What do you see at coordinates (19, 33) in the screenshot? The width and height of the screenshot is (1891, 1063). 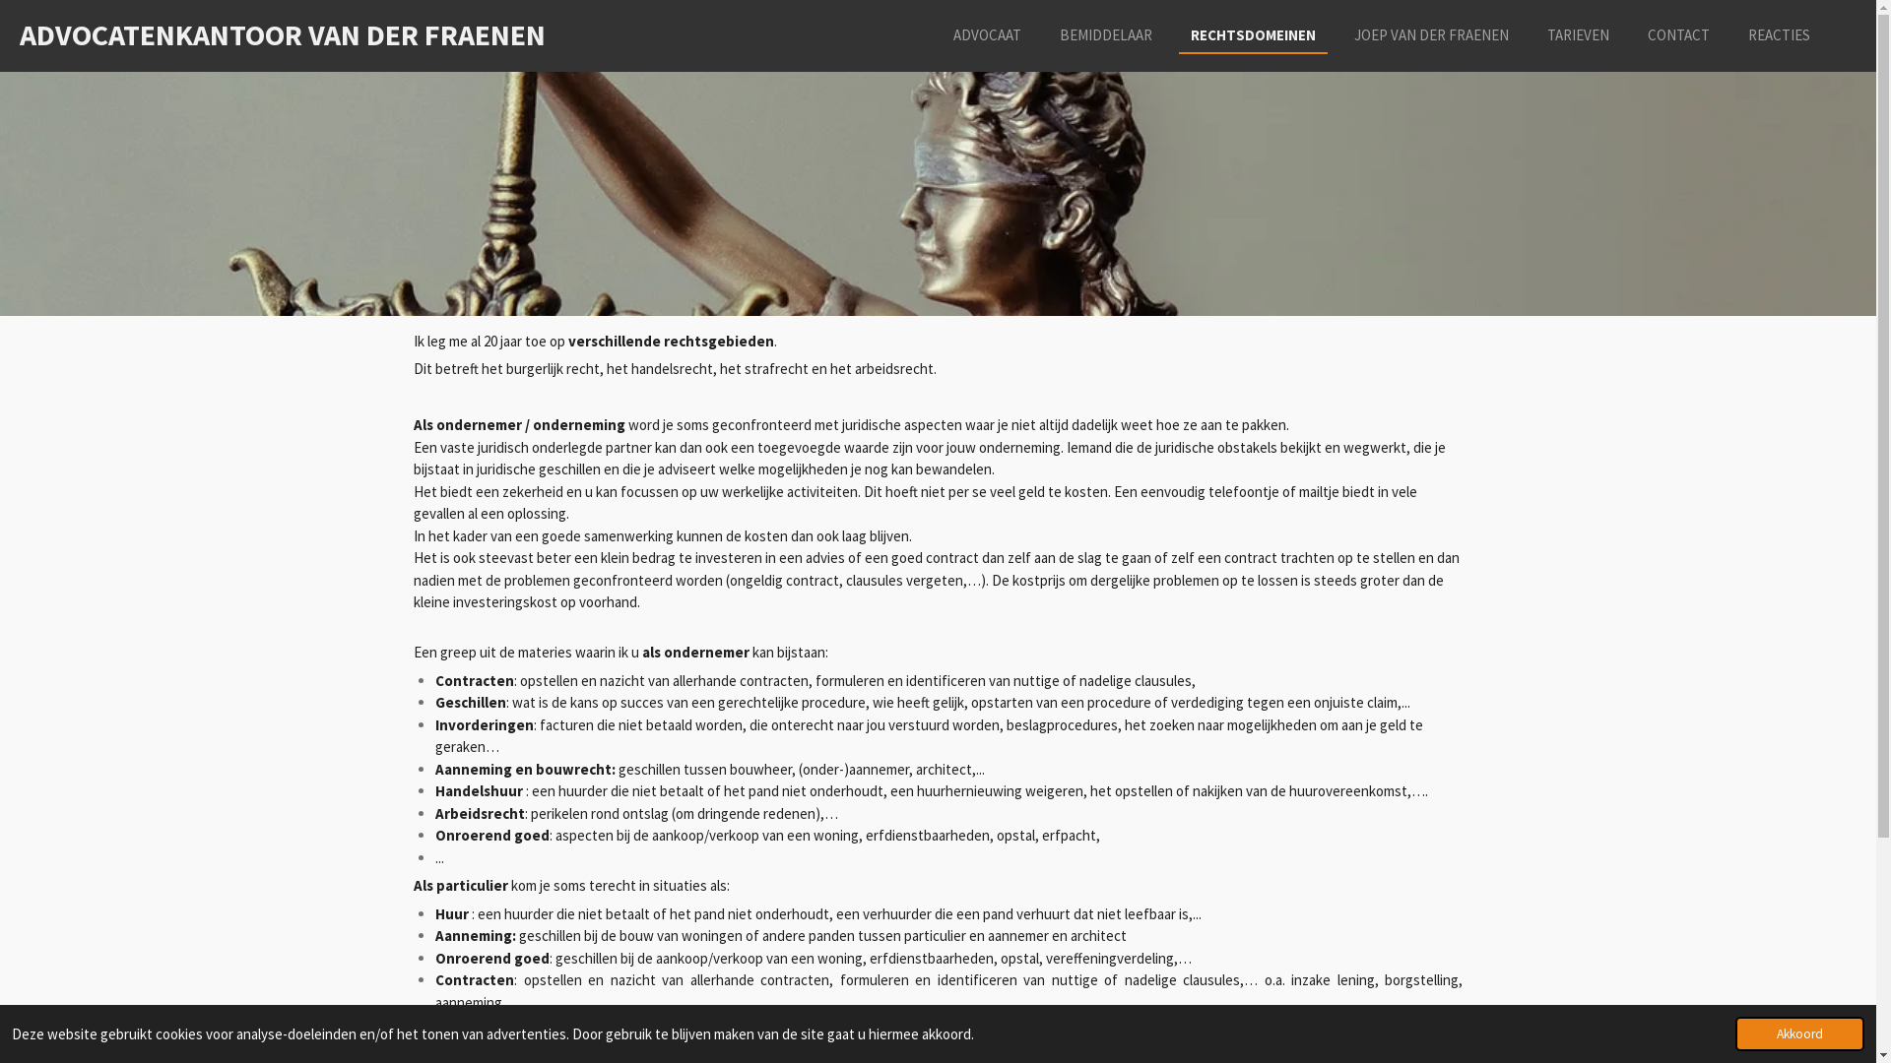 I see `'ADVOCATENKANTOOR VAN DER FRAENEN'` at bounding box center [19, 33].